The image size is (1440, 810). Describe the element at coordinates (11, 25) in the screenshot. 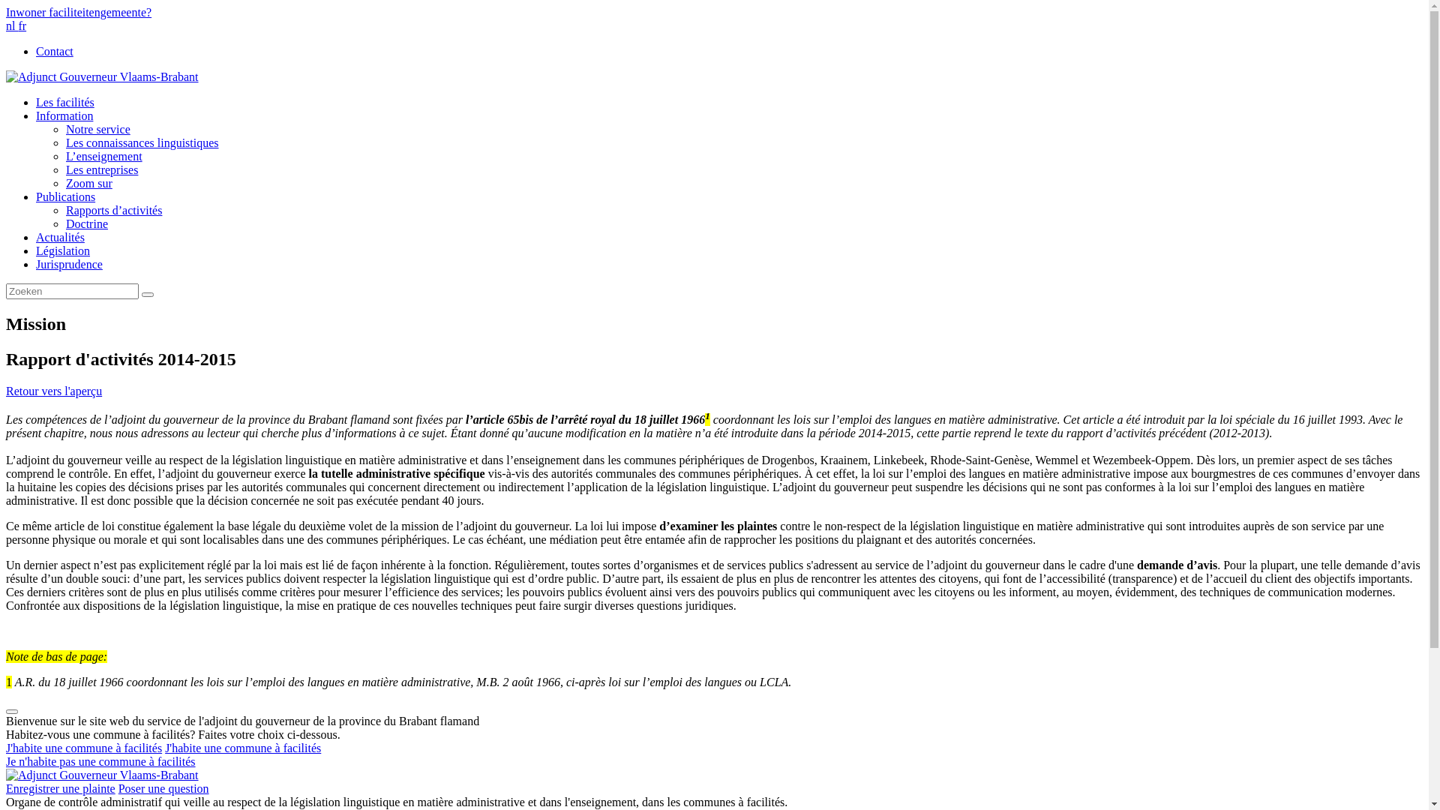

I see `'nl'` at that location.